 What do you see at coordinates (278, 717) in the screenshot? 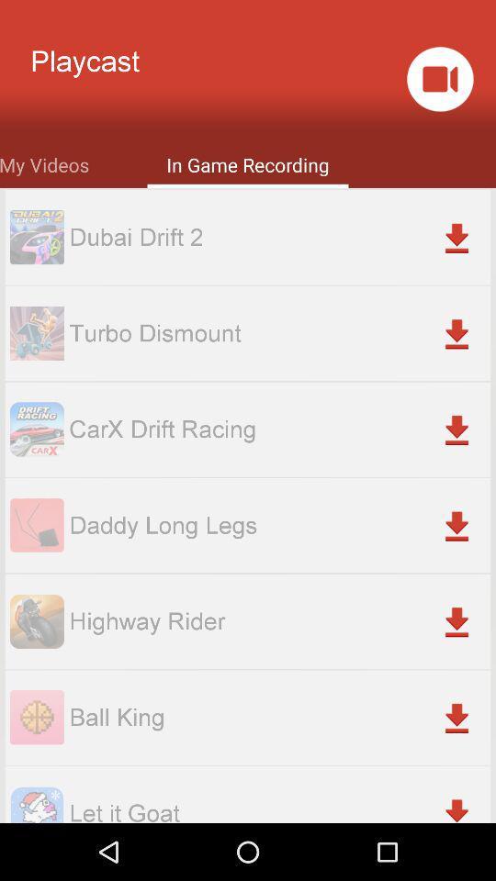
I see `ball king item` at bounding box center [278, 717].